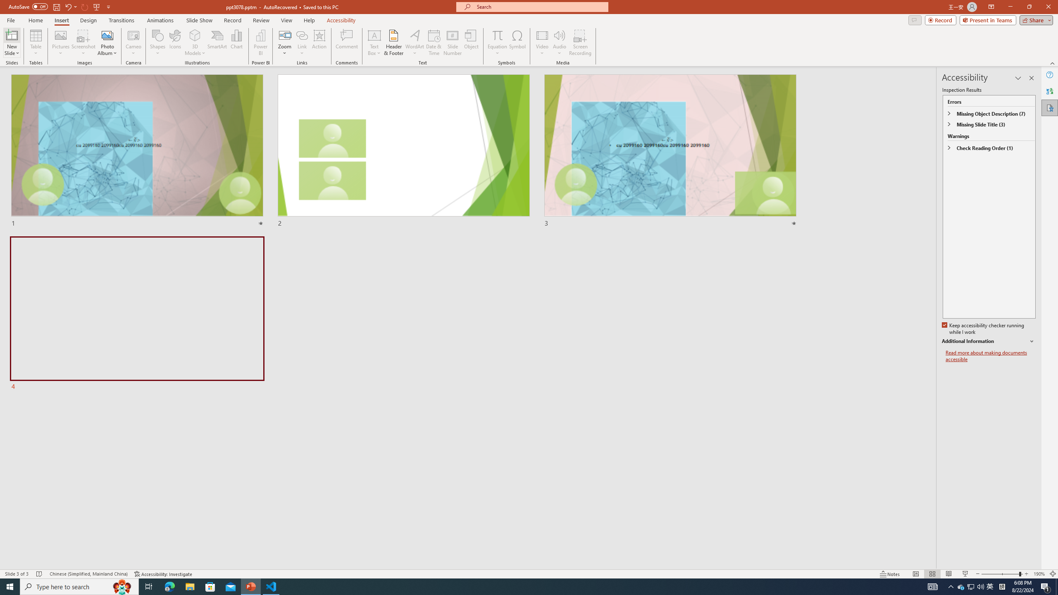 The image size is (1058, 595). Describe the element at coordinates (195, 43) in the screenshot. I see `'3D Models'` at that location.